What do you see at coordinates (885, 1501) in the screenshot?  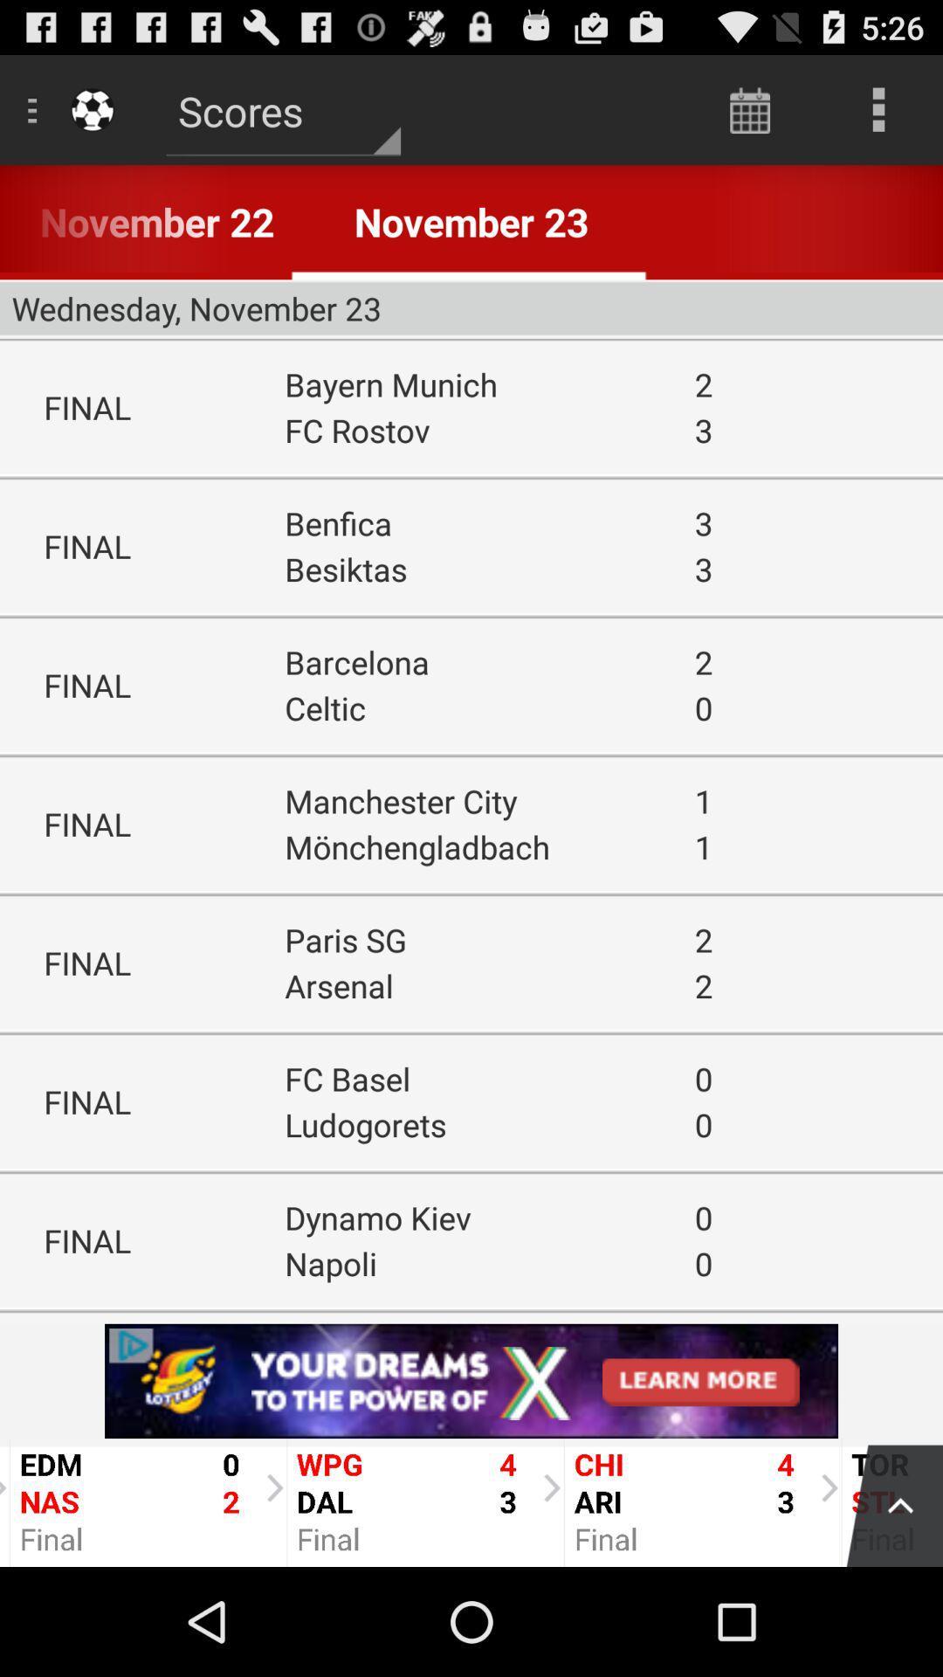 I see `menu` at bounding box center [885, 1501].